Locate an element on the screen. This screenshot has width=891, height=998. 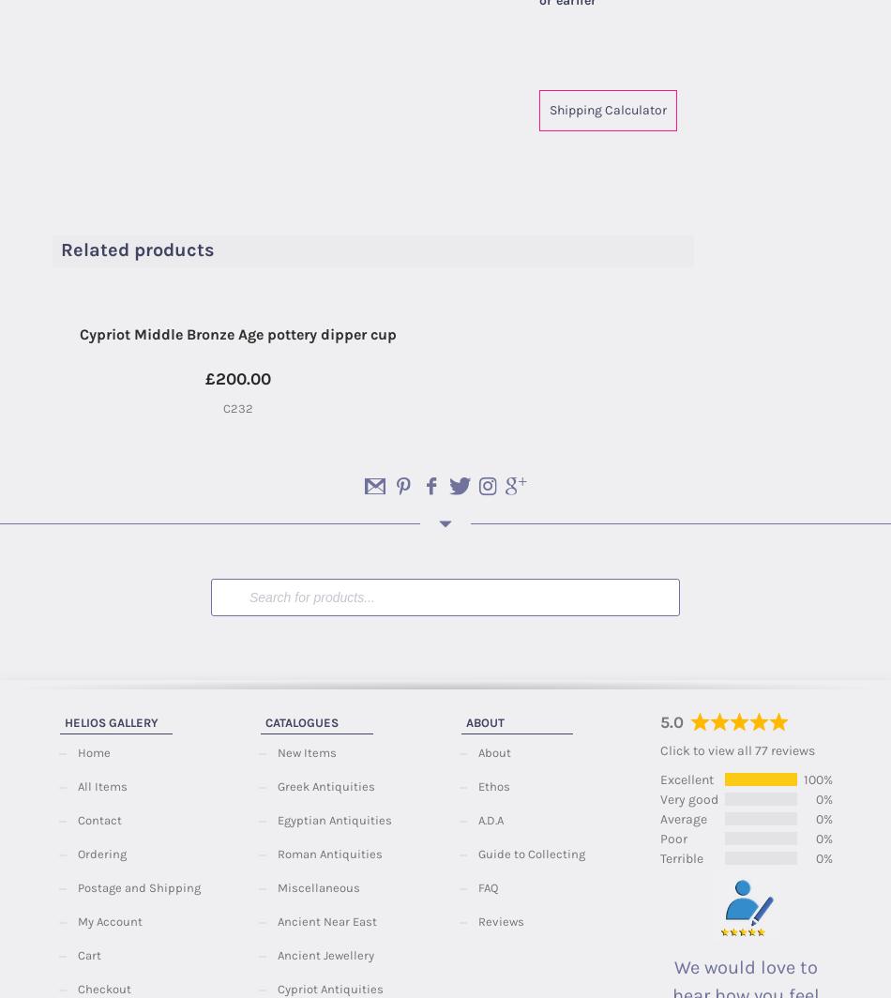
'Category:' is located at coordinates (565, 68).